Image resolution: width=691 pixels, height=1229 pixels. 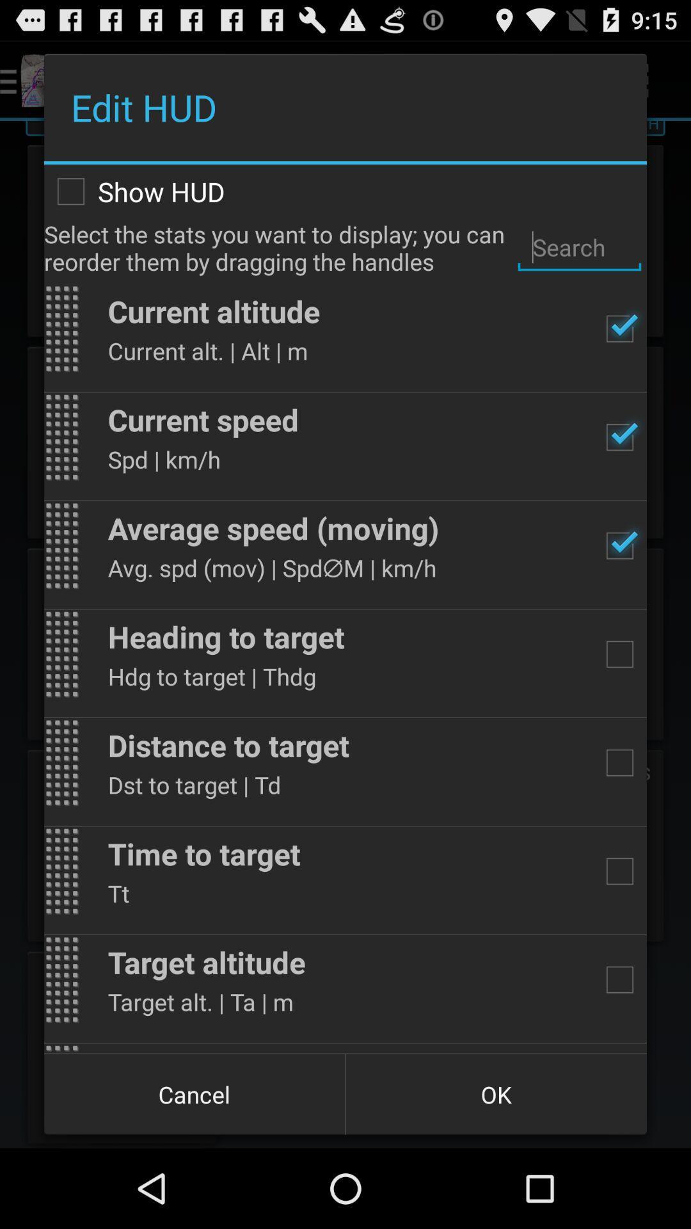 What do you see at coordinates (195, 1093) in the screenshot?
I see `item to the left of the ok` at bounding box center [195, 1093].